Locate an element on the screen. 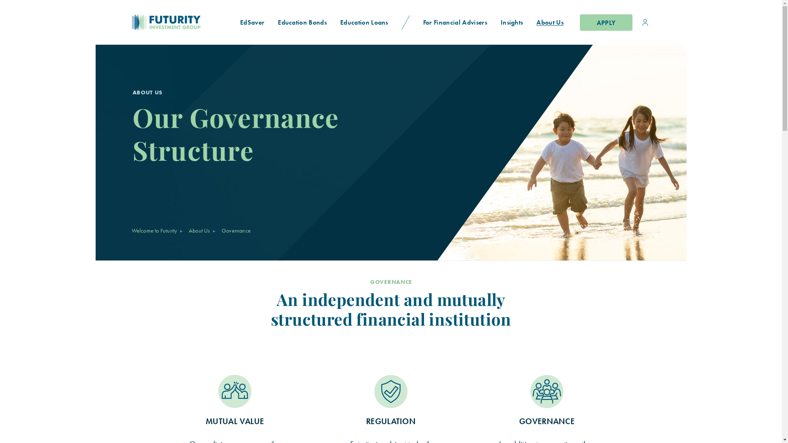  'For Financial Advisers' is located at coordinates (454, 22).